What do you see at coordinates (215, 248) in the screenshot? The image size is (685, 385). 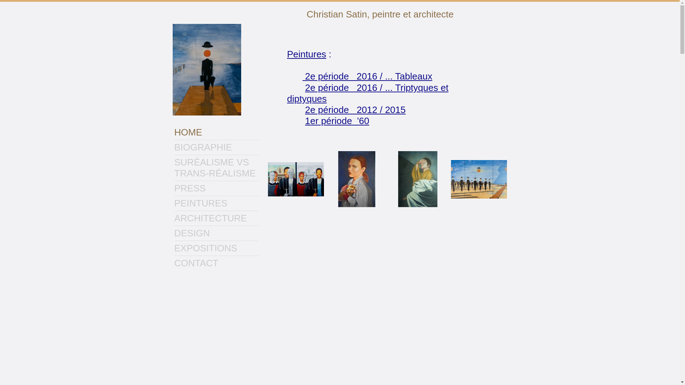 I see `'EXPOSITIONS'` at bounding box center [215, 248].